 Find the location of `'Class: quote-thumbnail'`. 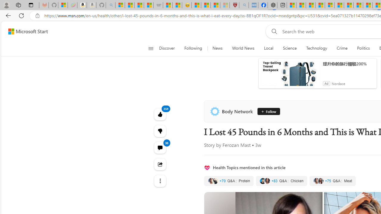

'Class: quote-thumbnail' is located at coordinates (320, 181).